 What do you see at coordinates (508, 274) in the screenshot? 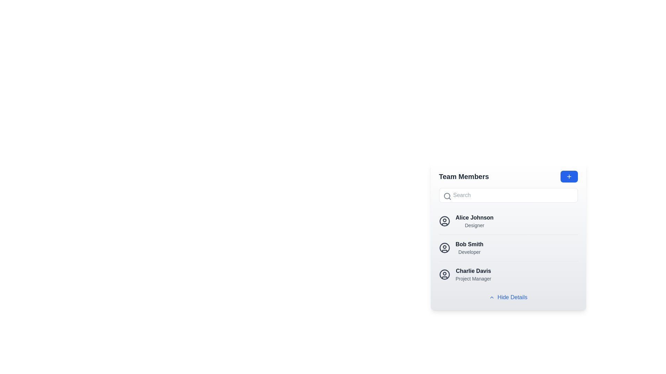
I see `the third list item in the 'Team Members' card that provides information about a team member, including their name and designation` at bounding box center [508, 274].